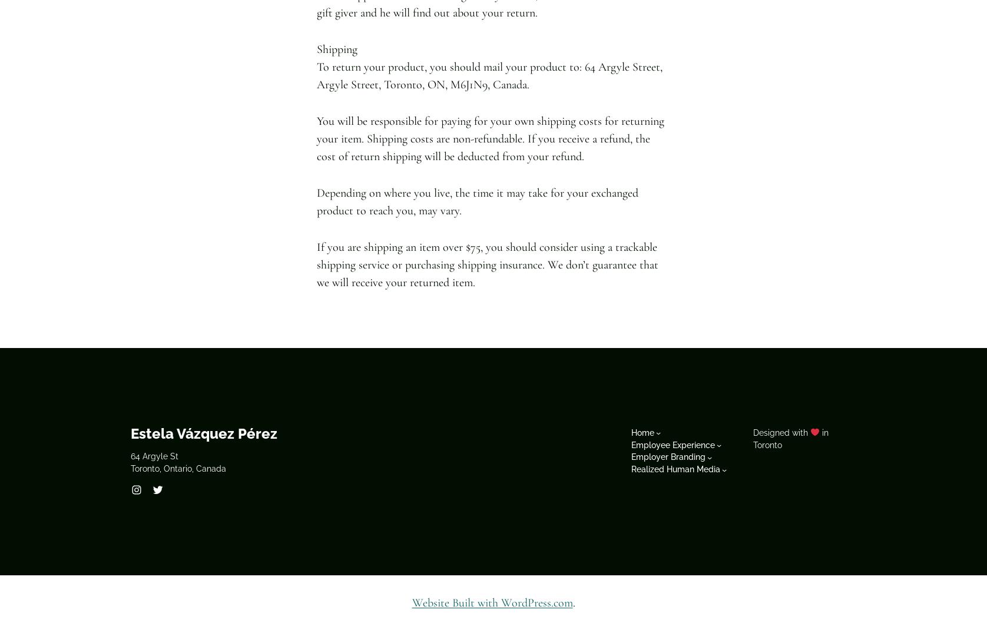  Describe the element at coordinates (316, 48) in the screenshot. I see `'Shipping'` at that location.